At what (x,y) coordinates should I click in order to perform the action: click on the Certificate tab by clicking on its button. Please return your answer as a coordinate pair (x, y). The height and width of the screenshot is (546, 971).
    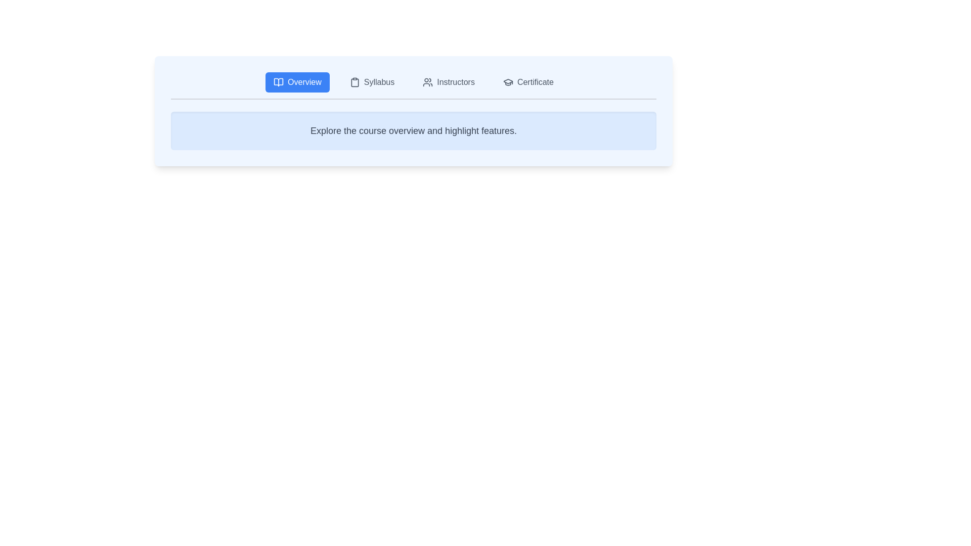
    Looking at the image, I should click on (527, 81).